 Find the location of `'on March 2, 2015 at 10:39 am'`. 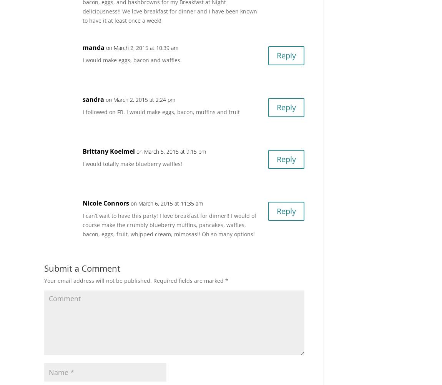

'on March 2, 2015 at 10:39 am' is located at coordinates (142, 47).